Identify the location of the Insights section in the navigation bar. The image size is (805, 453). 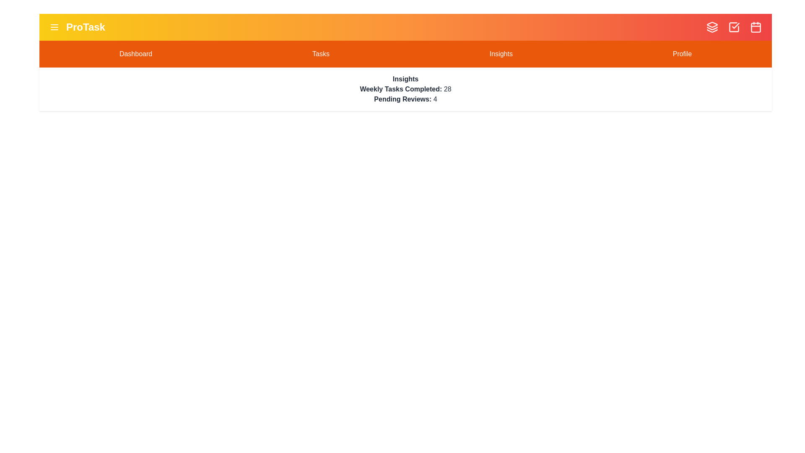
(501, 54).